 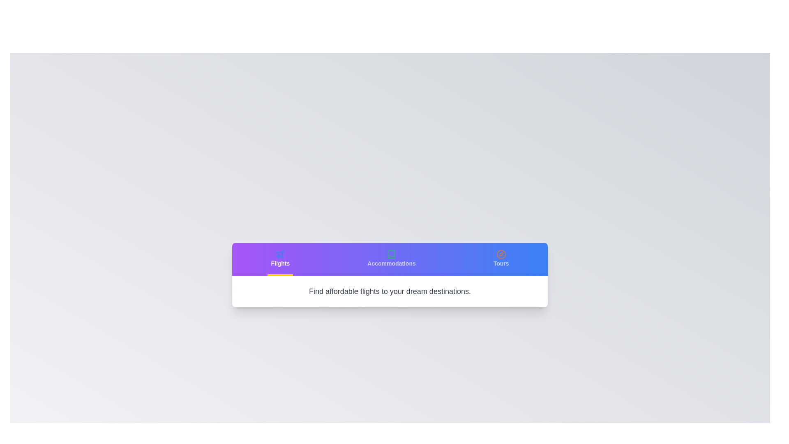 I want to click on the Tours tab to display its content, so click(x=501, y=259).